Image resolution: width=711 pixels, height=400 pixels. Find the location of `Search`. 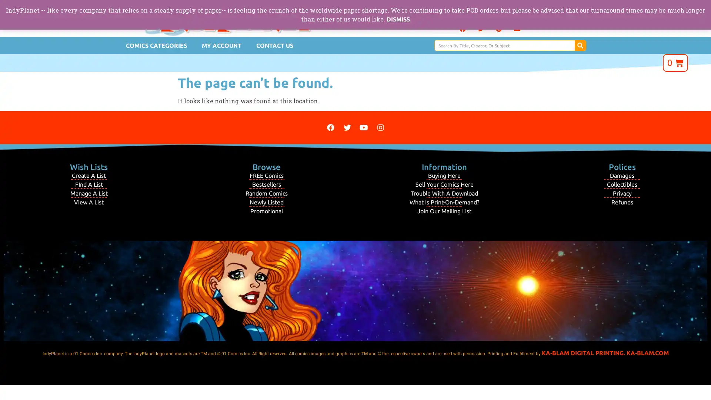

Search is located at coordinates (580, 46).